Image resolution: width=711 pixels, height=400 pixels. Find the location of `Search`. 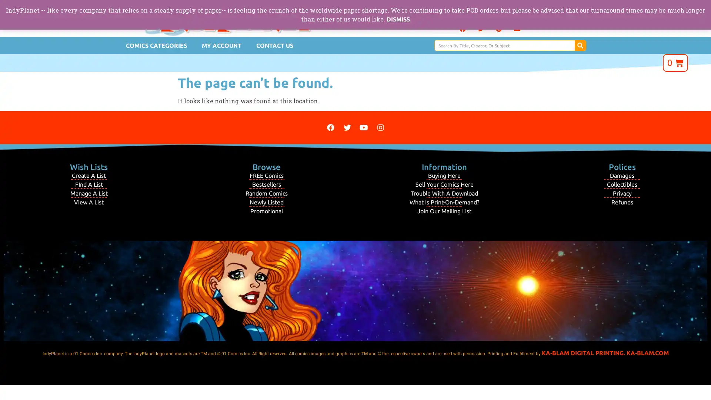

Search is located at coordinates (580, 46).